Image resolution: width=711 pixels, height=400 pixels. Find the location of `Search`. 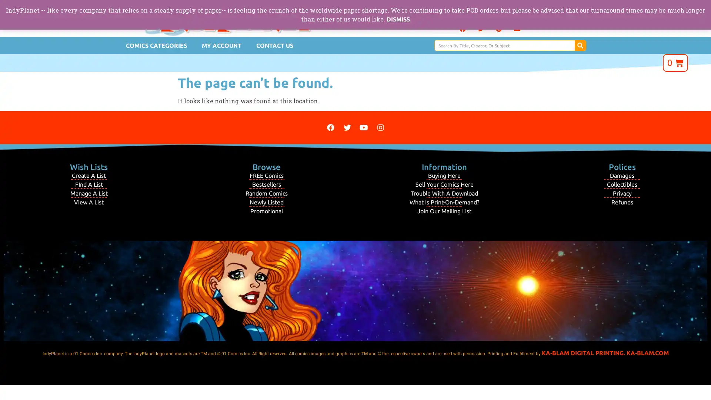

Search is located at coordinates (580, 46).